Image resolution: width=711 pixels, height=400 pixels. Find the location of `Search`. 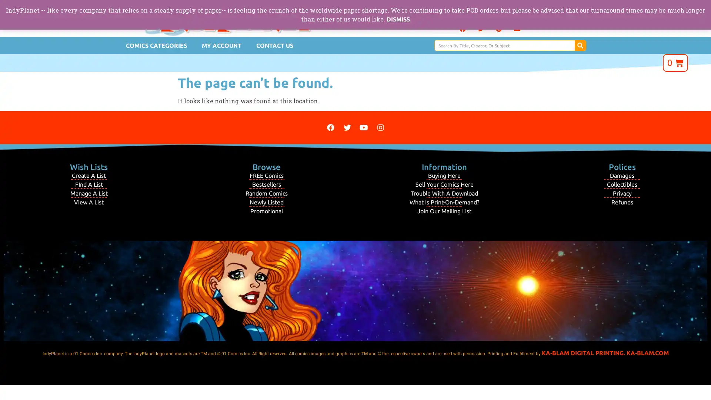

Search is located at coordinates (580, 46).